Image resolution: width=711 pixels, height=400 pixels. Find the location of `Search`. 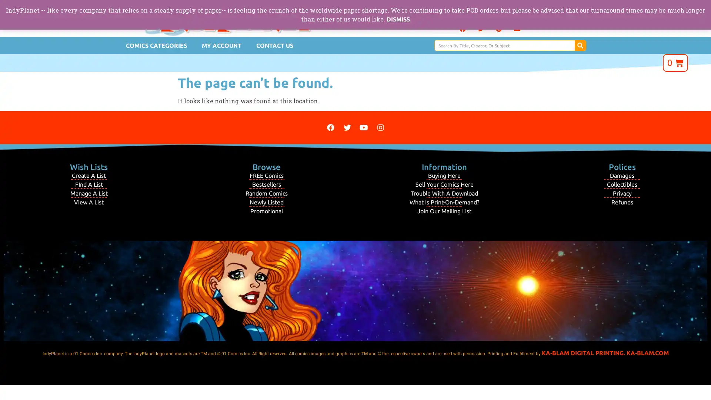

Search is located at coordinates (580, 46).